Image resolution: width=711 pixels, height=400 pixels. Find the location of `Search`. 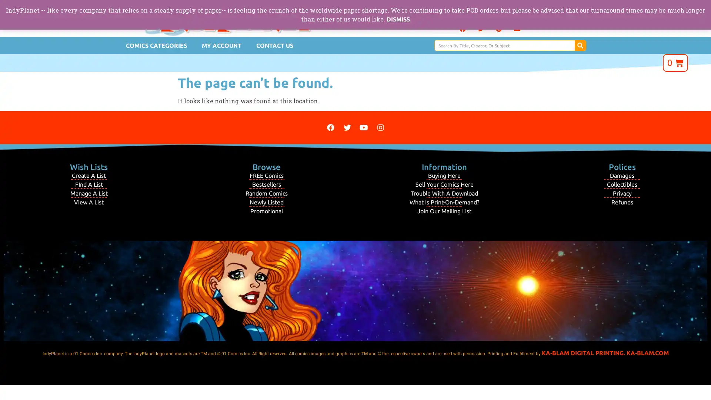

Search is located at coordinates (580, 46).